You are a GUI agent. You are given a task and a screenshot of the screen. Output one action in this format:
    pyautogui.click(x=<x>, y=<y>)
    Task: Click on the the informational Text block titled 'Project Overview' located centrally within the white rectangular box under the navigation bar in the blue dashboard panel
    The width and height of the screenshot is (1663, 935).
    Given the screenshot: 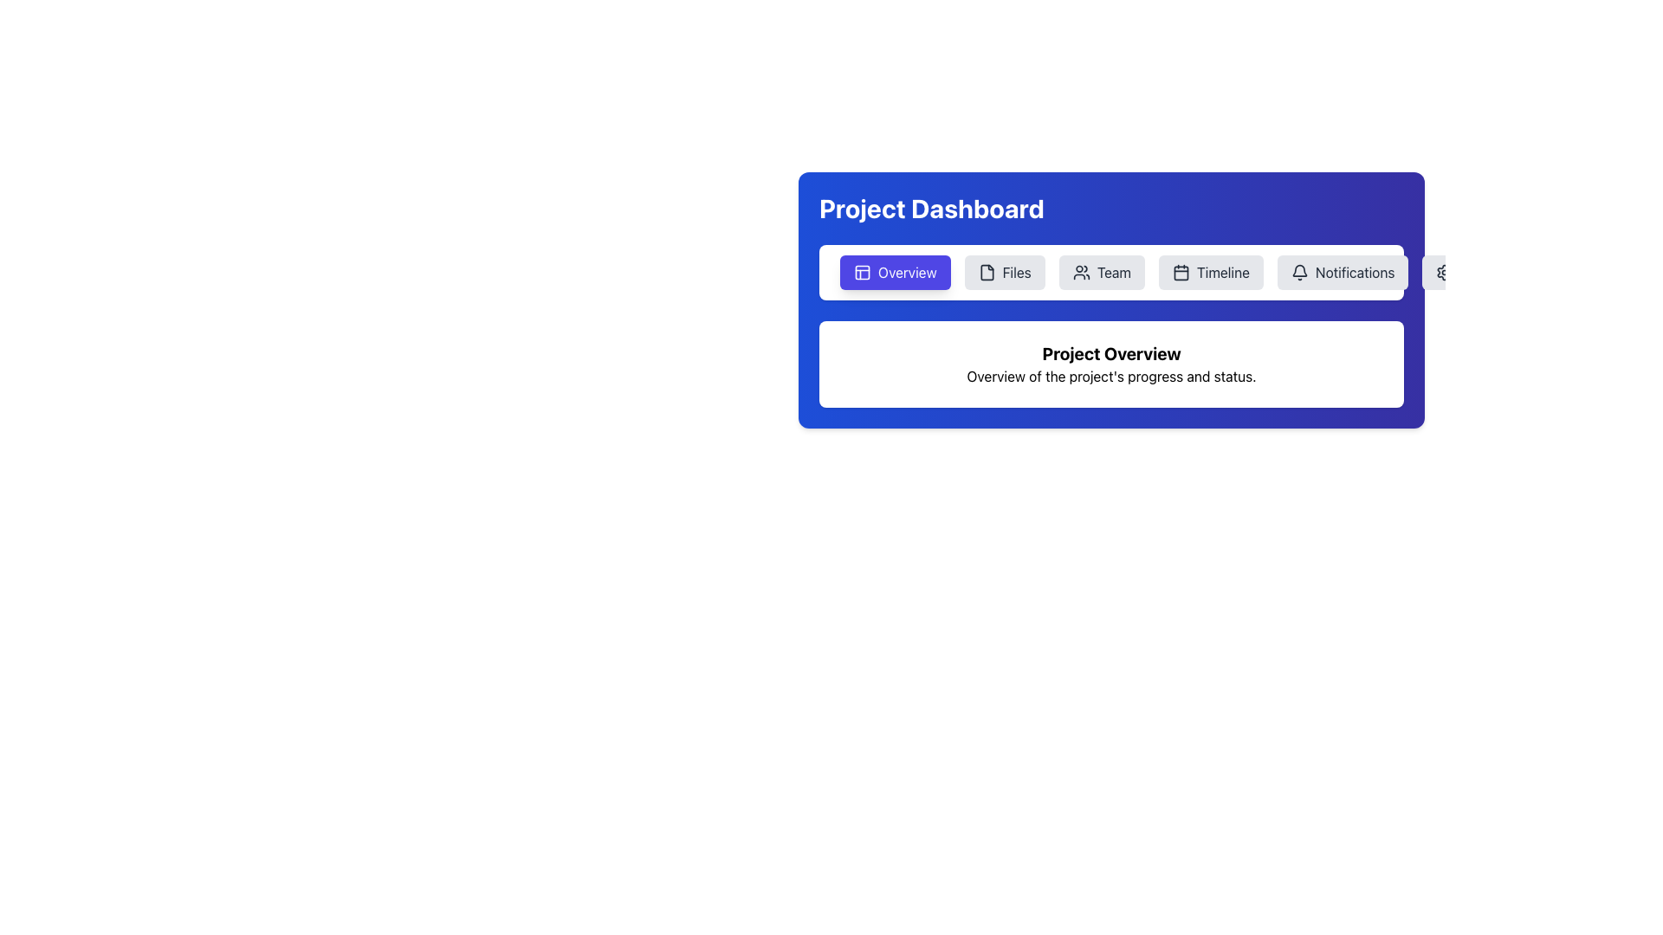 What is the action you would take?
    pyautogui.click(x=1111, y=363)
    